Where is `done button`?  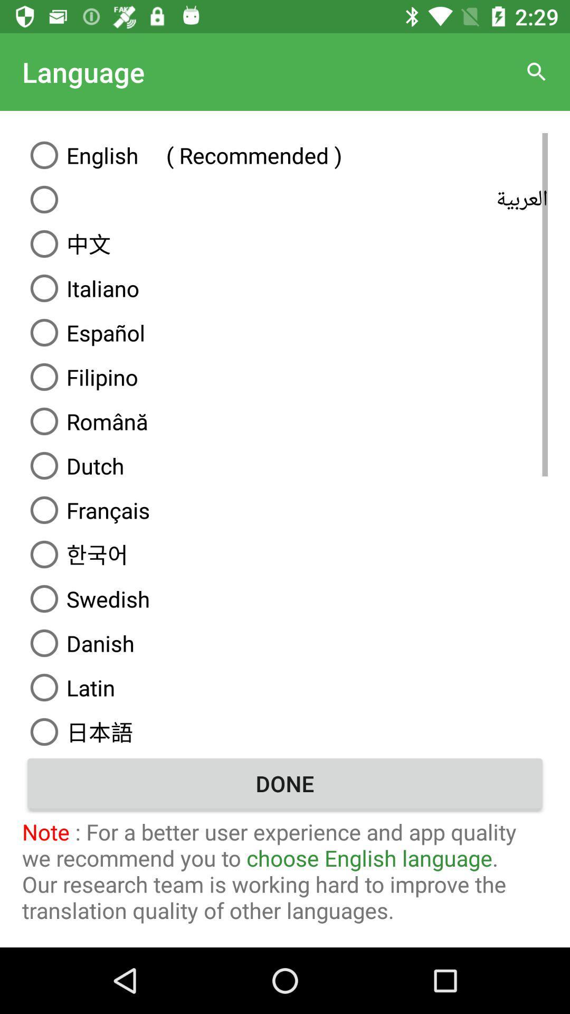
done button is located at coordinates (285, 783).